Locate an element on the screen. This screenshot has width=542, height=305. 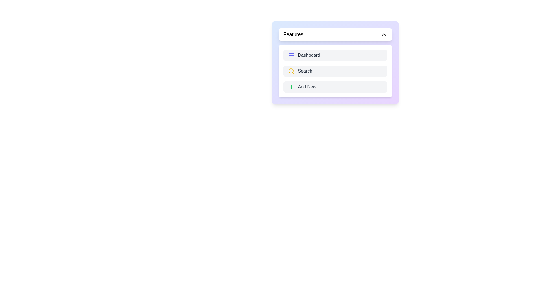
the text 'Search' within the component is located at coordinates (335, 71).